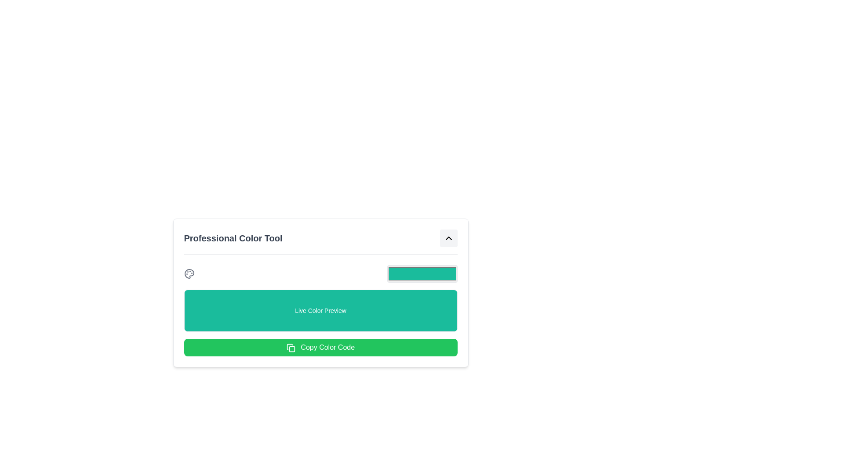 This screenshot has height=474, width=844. I want to click on keyboard navigation, so click(448, 238).